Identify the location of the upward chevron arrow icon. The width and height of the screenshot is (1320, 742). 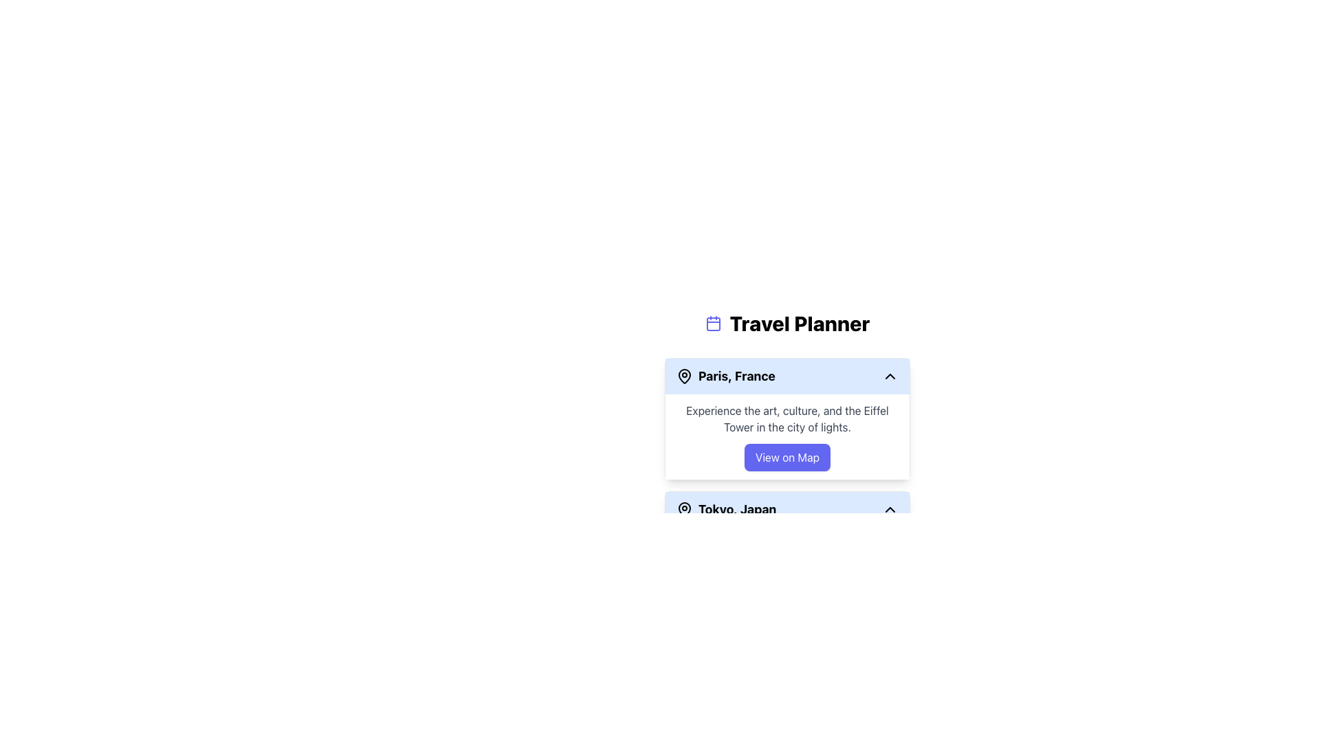
(890, 509).